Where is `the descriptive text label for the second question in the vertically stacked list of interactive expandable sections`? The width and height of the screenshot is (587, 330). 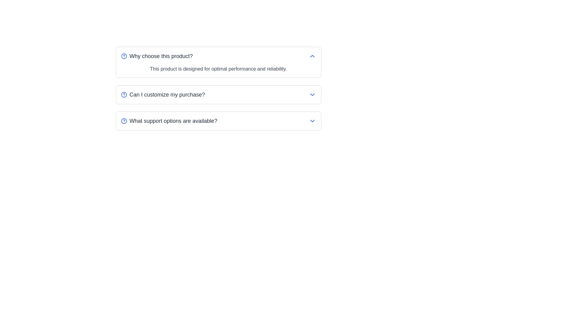 the descriptive text label for the second question in the vertically stacked list of interactive expandable sections is located at coordinates (167, 94).